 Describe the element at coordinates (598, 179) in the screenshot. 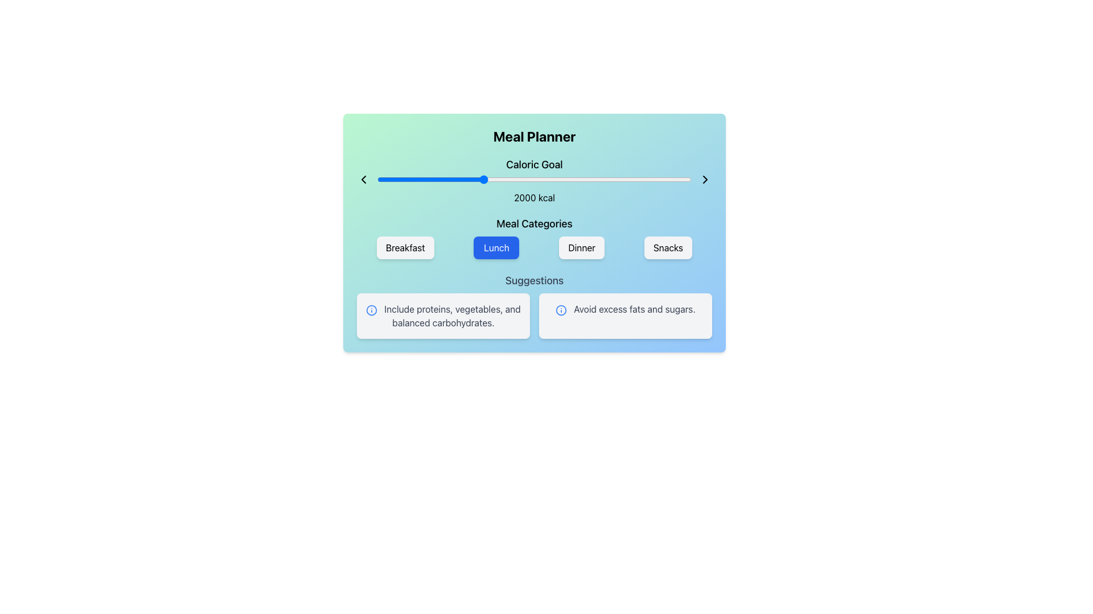

I see `caloric goal` at that location.